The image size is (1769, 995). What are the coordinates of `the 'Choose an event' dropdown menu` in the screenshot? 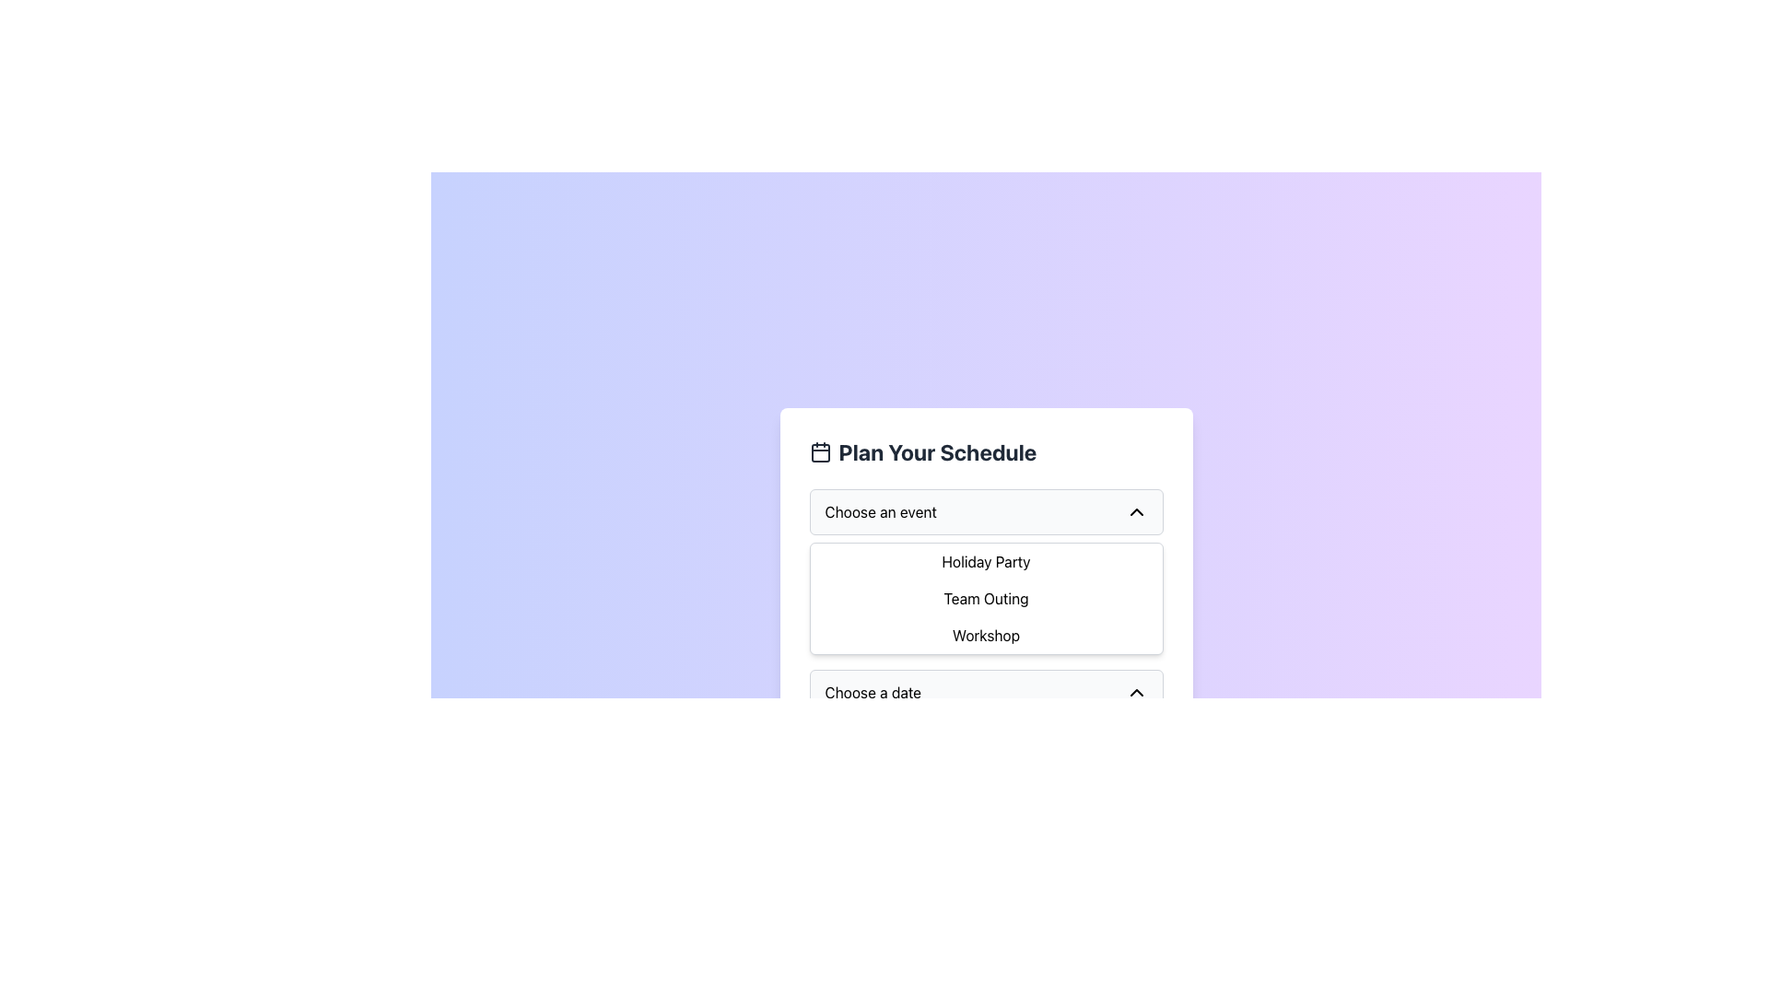 It's located at (985, 571).